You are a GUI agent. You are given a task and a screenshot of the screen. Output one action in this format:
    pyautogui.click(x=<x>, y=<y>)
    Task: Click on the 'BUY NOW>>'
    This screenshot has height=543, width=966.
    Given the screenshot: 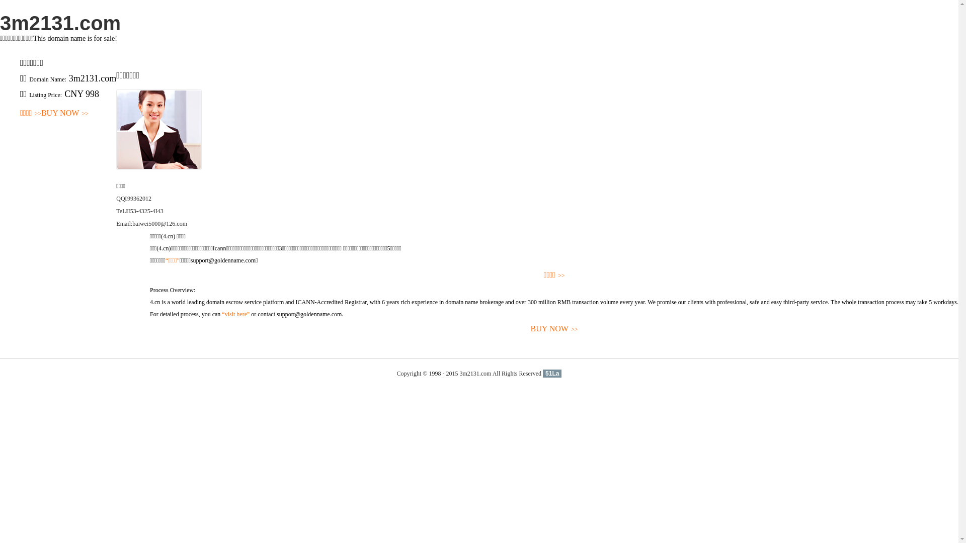 What is the action you would take?
    pyautogui.click(x=64, y=113)
    